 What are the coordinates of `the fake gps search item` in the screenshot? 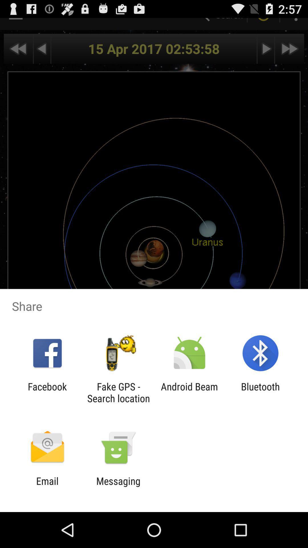 It's located at (118, 392).